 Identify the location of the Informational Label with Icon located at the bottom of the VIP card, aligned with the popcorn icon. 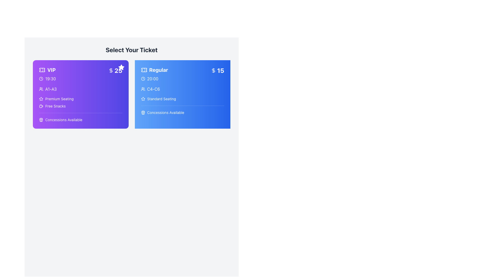
(80, 118).